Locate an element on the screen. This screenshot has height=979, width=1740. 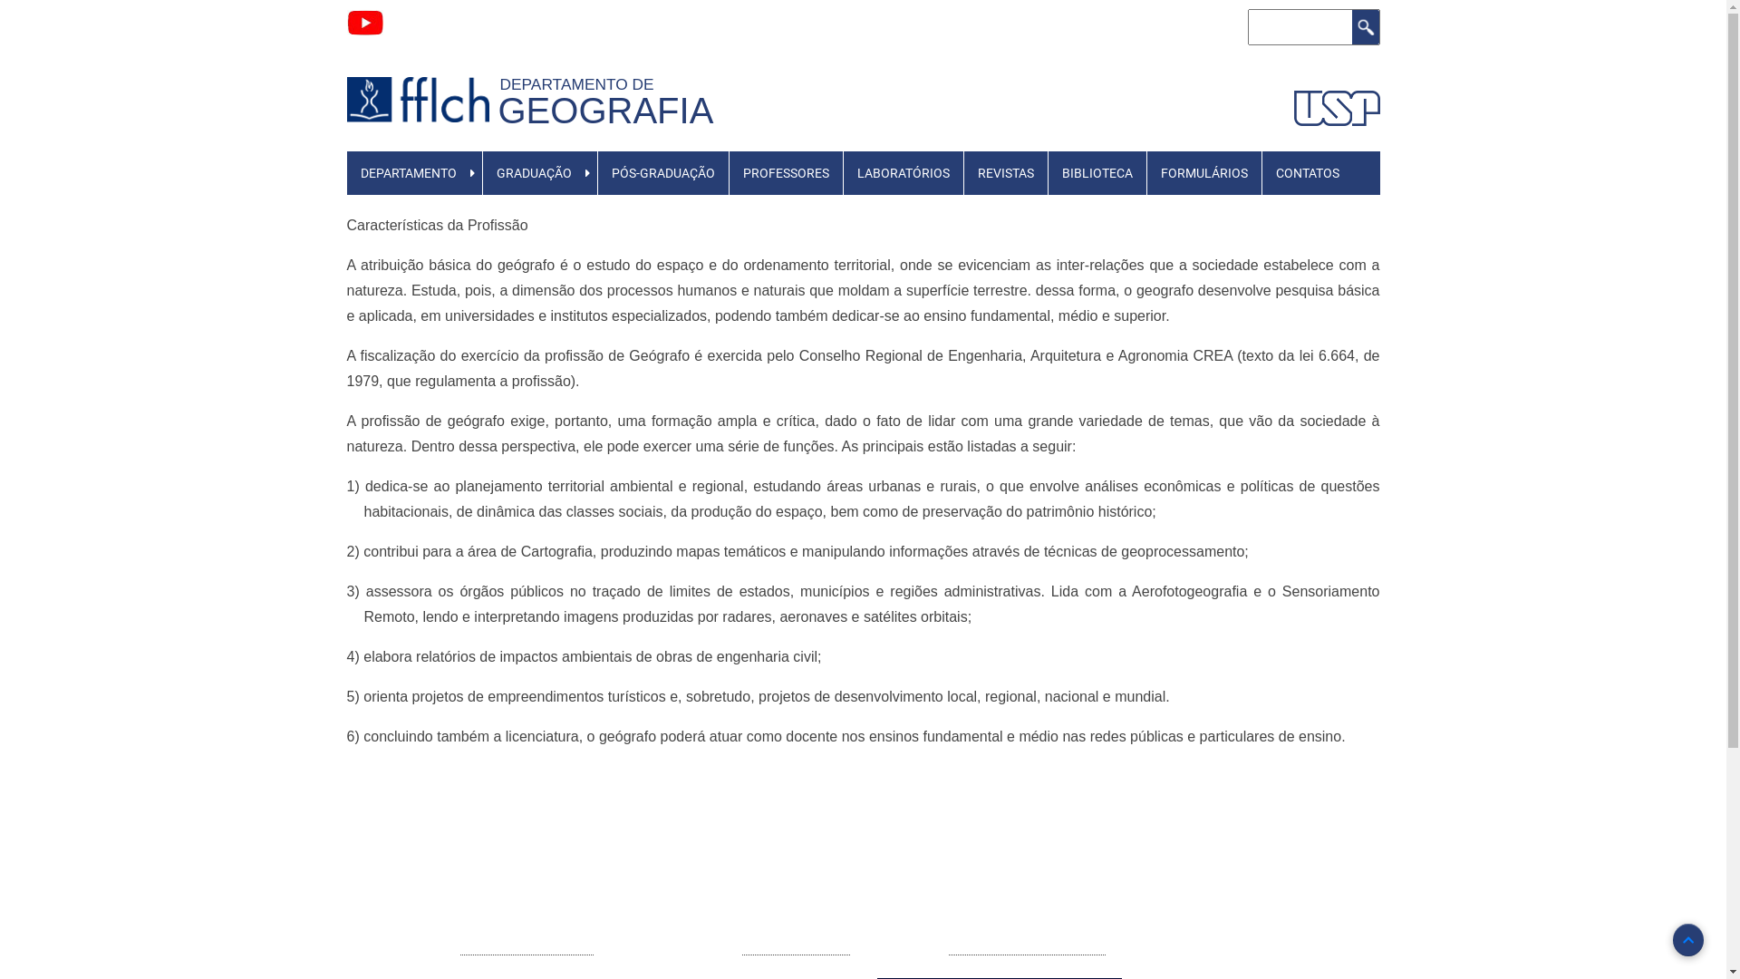
'REVISTAS' is located at coordinates (1004, 173).